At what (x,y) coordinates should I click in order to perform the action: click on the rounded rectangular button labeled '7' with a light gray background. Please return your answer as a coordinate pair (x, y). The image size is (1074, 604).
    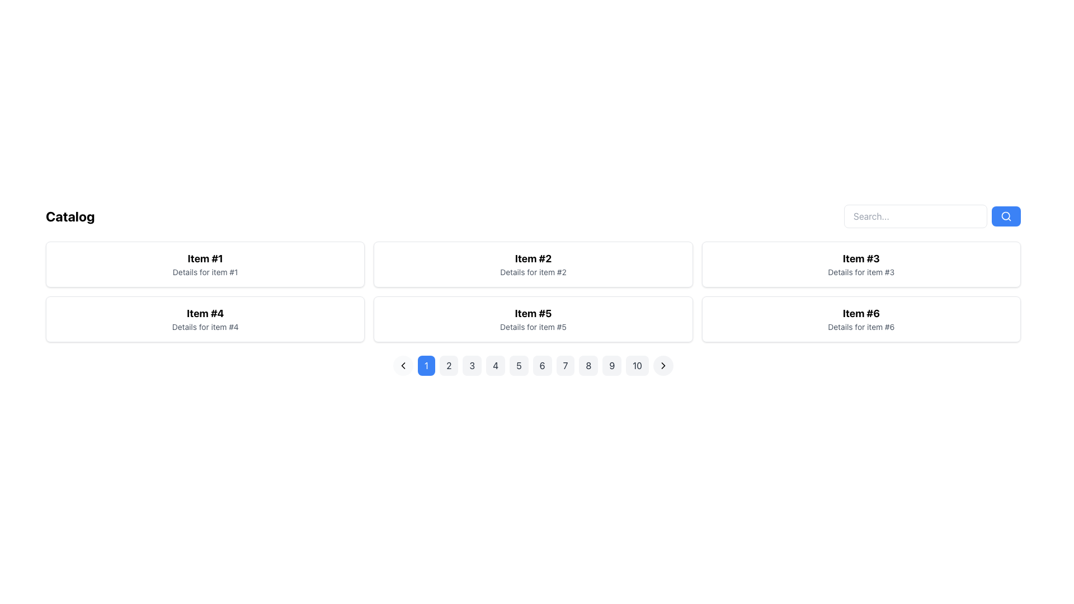
    Looking at the image, I should click on (566, 366).